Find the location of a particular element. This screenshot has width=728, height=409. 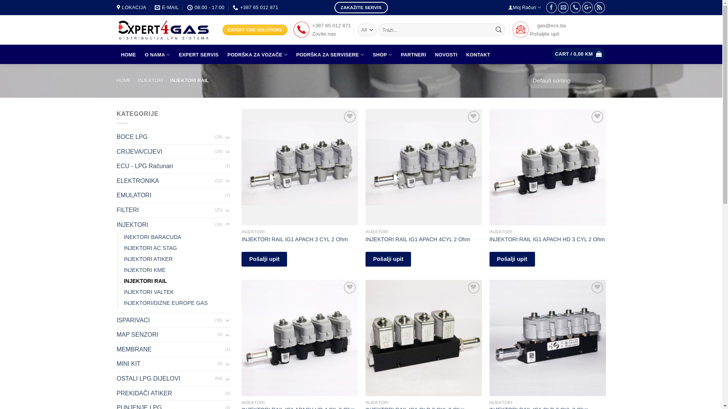

'EXPERT SERVIS' is located at coordinates (198, 55).